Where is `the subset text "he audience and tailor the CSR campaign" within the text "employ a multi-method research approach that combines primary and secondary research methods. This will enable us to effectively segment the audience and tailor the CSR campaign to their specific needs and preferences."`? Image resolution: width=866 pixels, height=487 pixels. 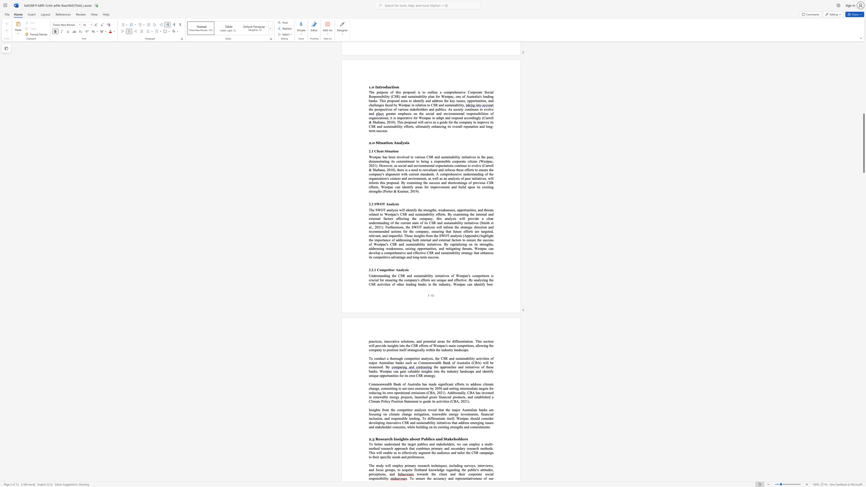 the subset text "he audience and tailor the CSR campaign" within the text "employ a multi-method research approach that combines primary and secondary research methods. This will enable us to effectively segment the audience and tailor the CSR campaign to their specific needs and preferences." is located at coordinates (432, 452).